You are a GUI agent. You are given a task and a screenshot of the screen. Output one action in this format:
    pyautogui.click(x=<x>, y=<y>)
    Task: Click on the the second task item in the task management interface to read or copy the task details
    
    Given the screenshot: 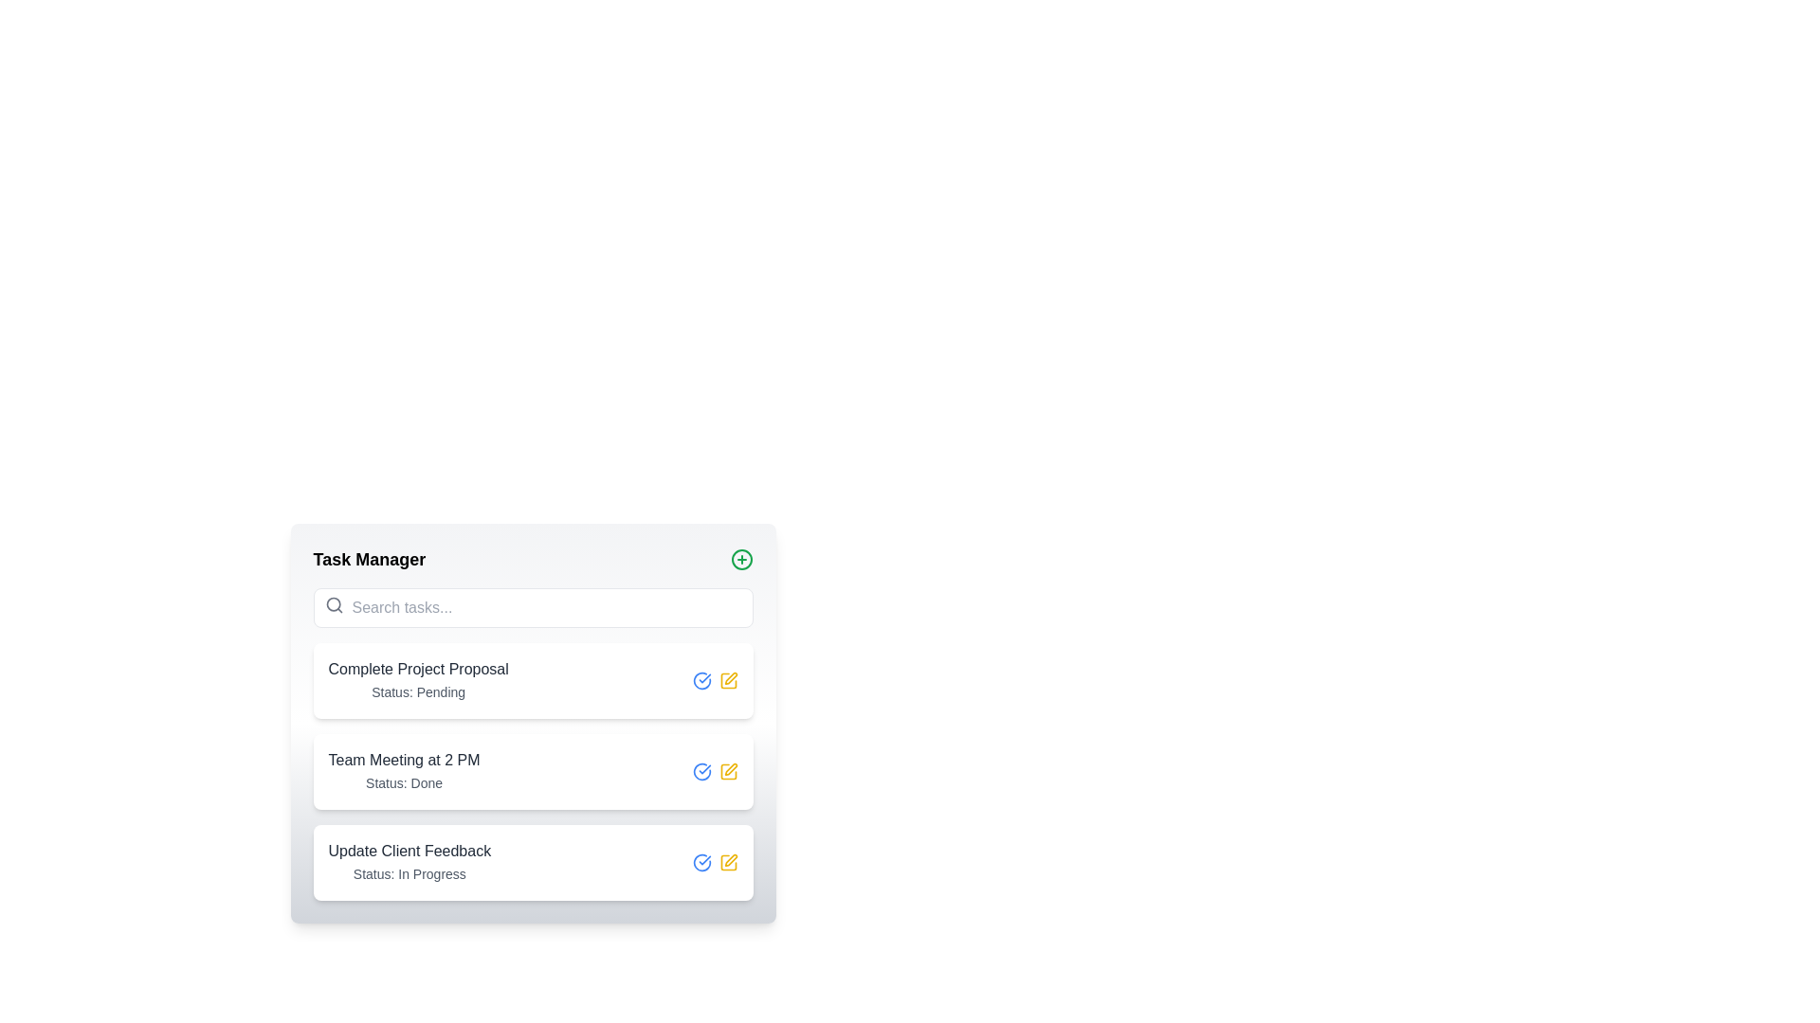 What is the action you would take?
    pyautogui.click(x=532, y=771)
    